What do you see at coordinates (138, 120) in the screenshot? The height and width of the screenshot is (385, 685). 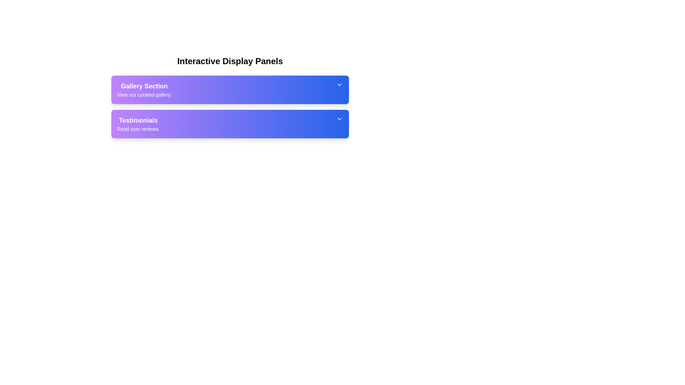 I see `the Text label that serves as the title for the user testimonials section, located above the smaller text description 'Read user reviews.'` at bounding box center [138, 120].